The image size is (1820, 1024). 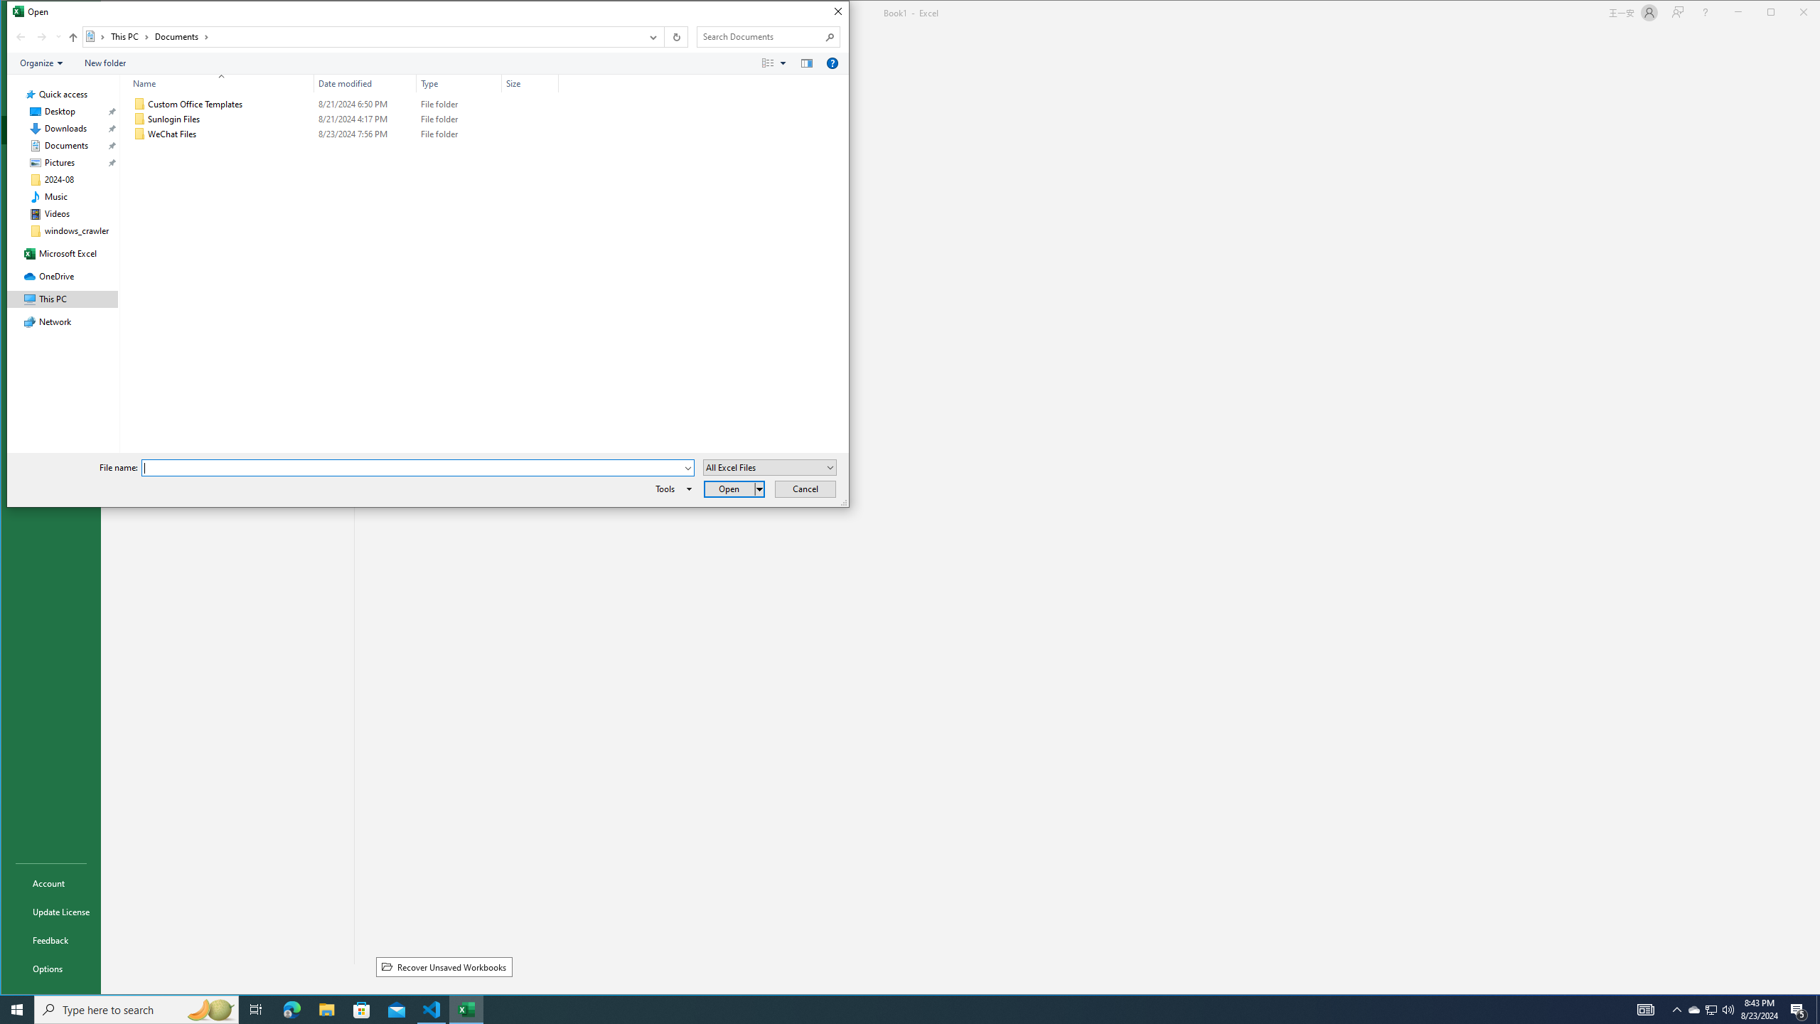 I want to click on 'File name:', so click(x=411, y=468).